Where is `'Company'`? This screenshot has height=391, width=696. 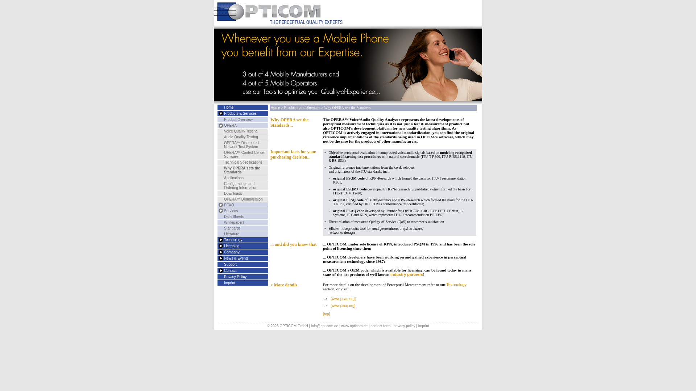 'Company' is located at coordinates (231, 252).